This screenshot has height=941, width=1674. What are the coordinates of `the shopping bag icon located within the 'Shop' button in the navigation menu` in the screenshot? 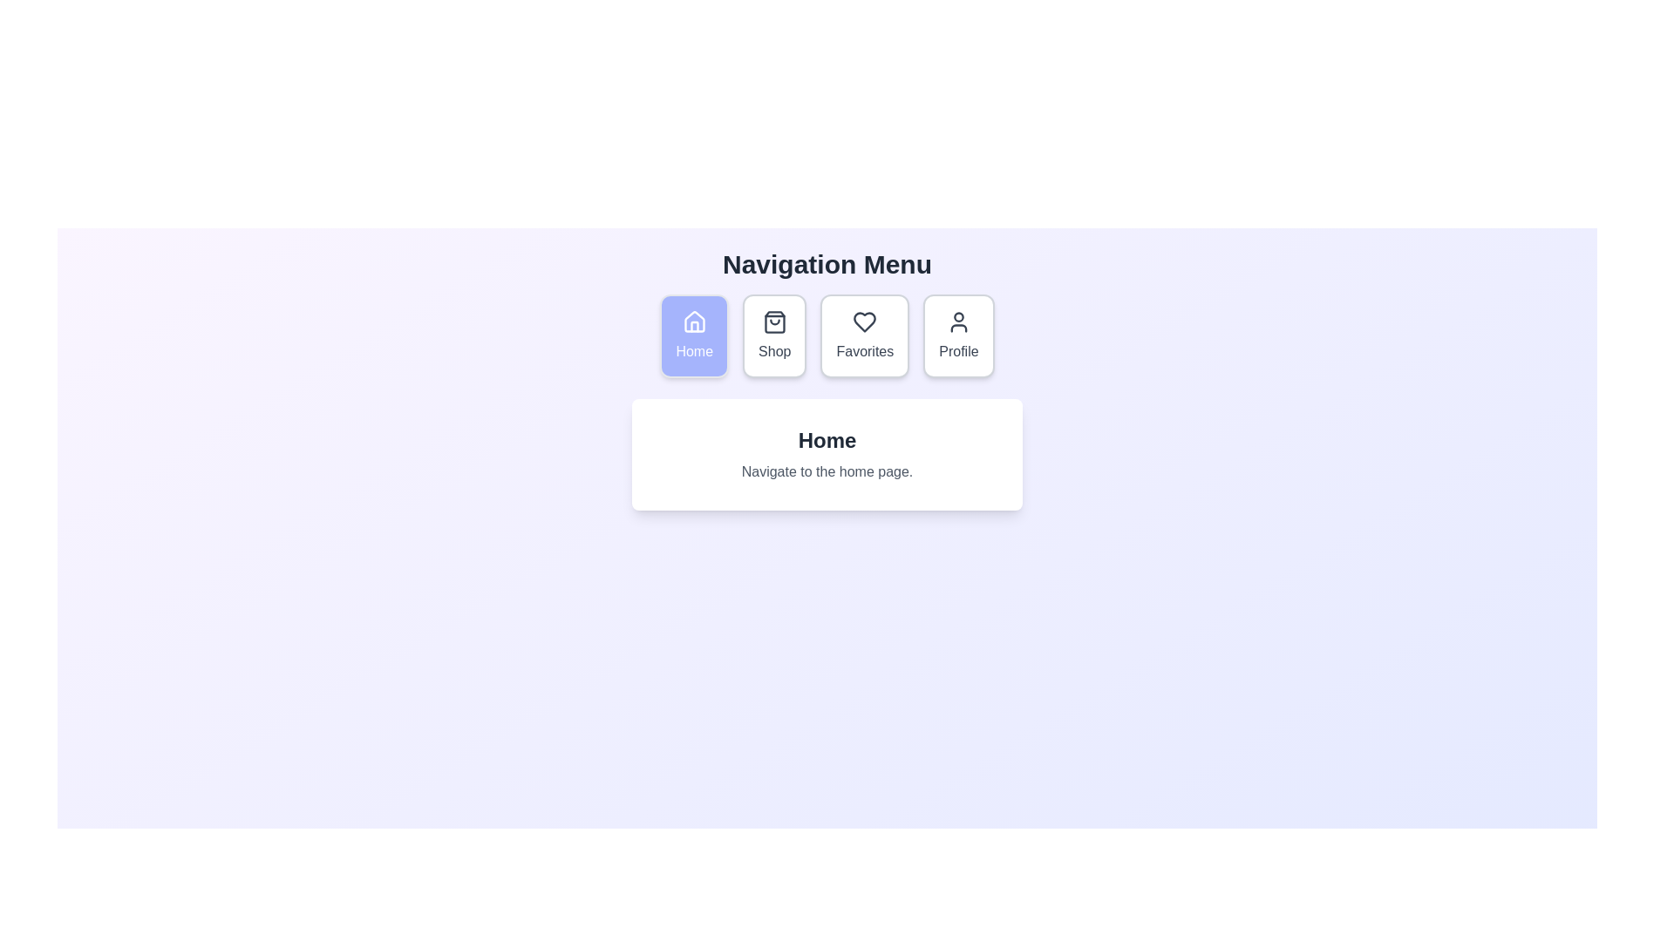 It's located at (773, 322).